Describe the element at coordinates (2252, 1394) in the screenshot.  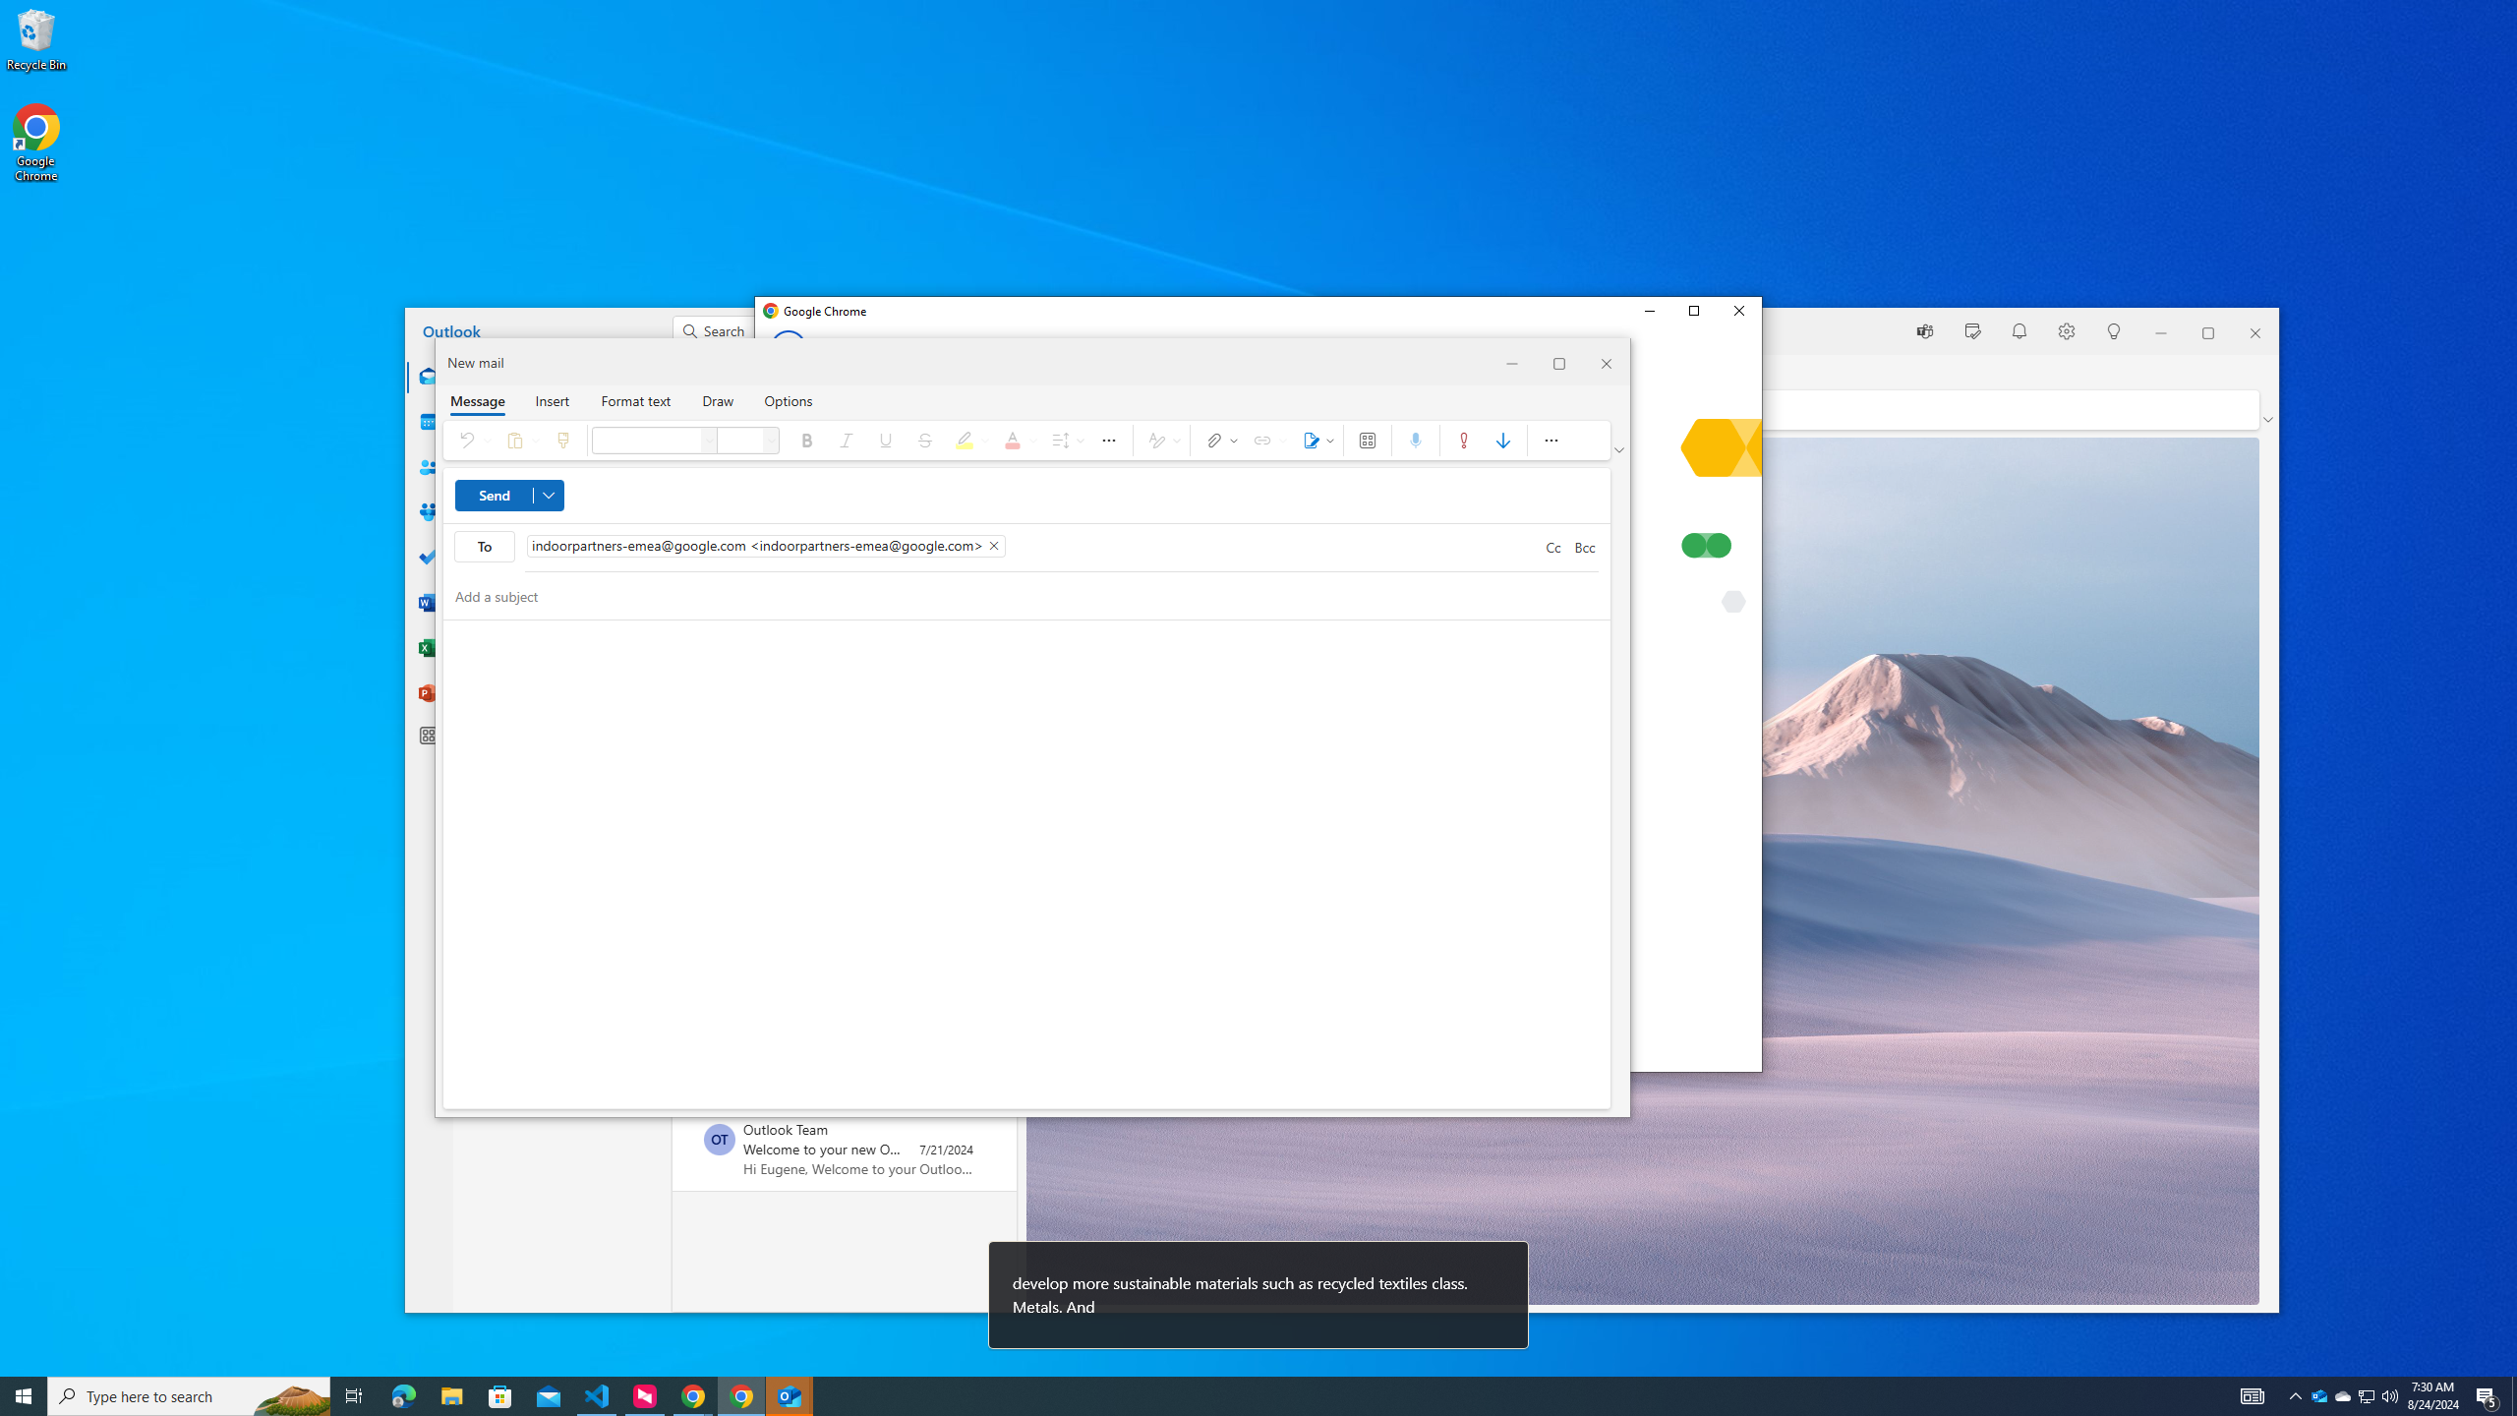
I see `'User Promoted Notification Area'` at that location.